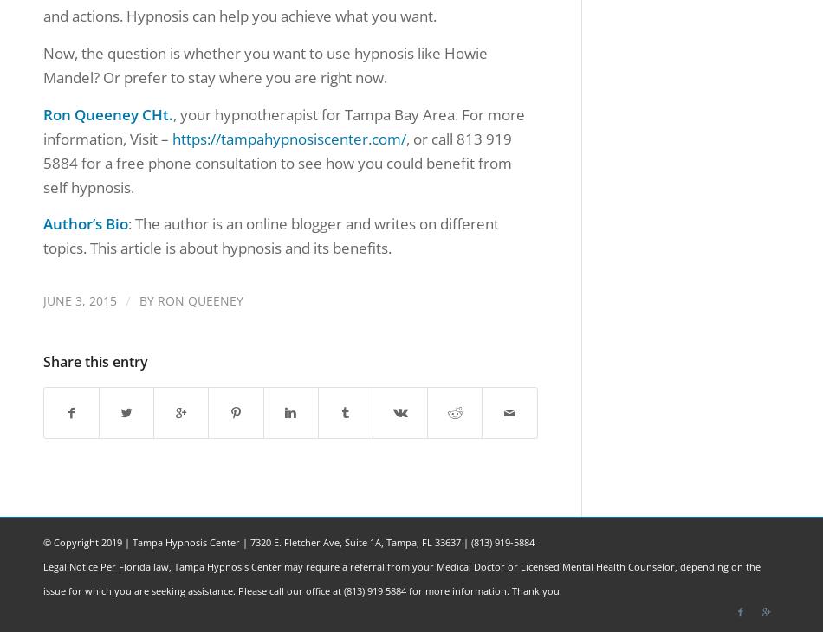 This screenshot has height=632, width=823. I want to click on '© Copyright 2019 | Tampa Hypnosis Center  | 7320 E. Fletcher Ave, Suite 1A, Tampa, FL 33637 | (813) 919-5884', so click(288, 542).